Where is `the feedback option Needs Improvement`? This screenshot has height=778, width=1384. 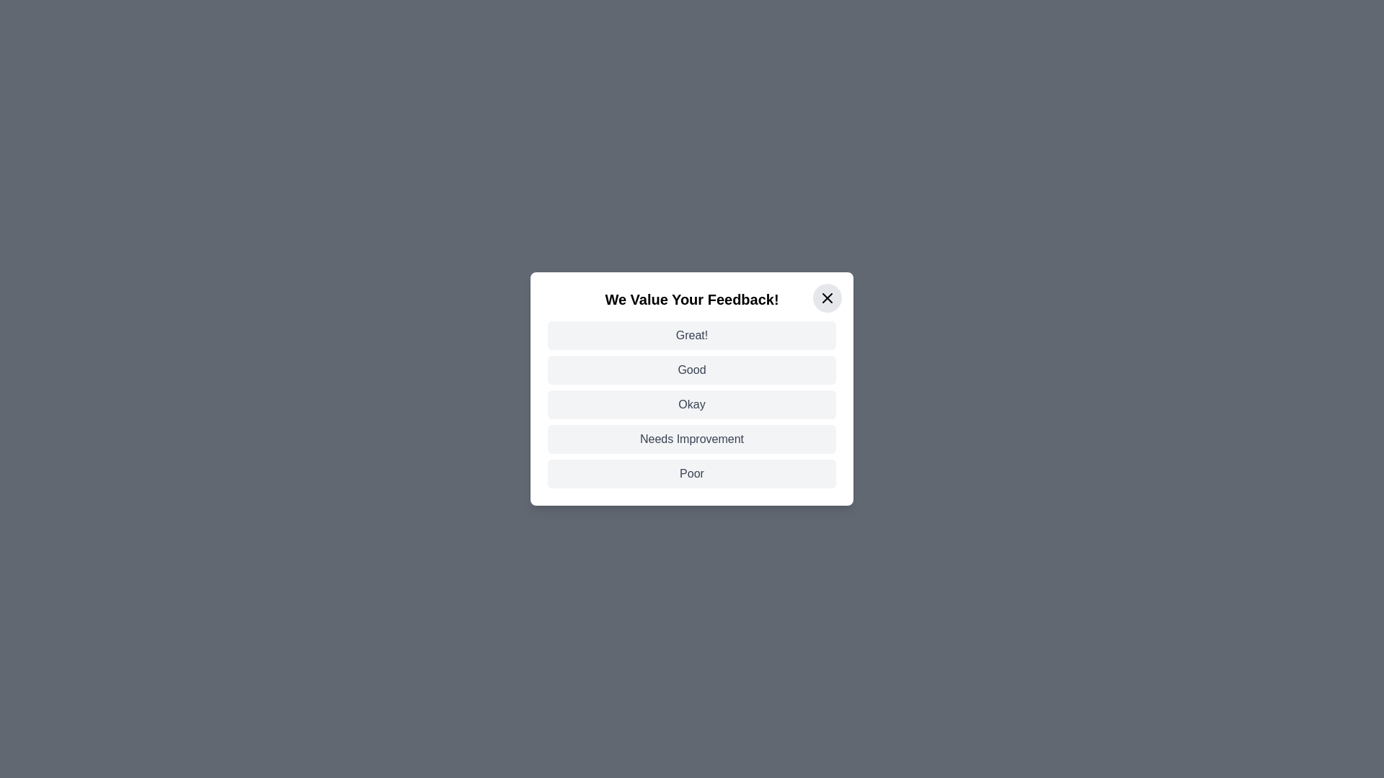
the feedback option Needs Improvement is located at coordinates (692, 438).